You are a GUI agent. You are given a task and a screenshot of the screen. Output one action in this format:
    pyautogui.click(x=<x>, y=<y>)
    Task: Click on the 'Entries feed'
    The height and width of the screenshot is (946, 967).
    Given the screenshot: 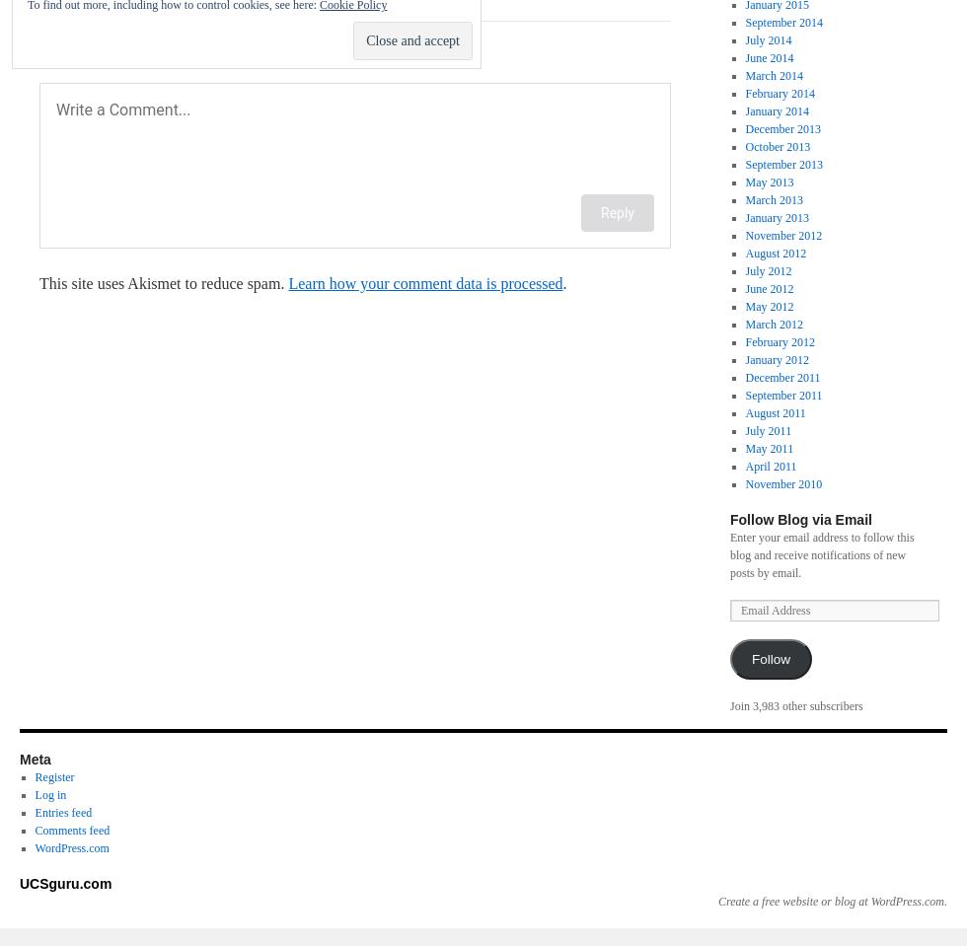 What is the action you would take?
    pyautogui.click(x=61, y=811)
    